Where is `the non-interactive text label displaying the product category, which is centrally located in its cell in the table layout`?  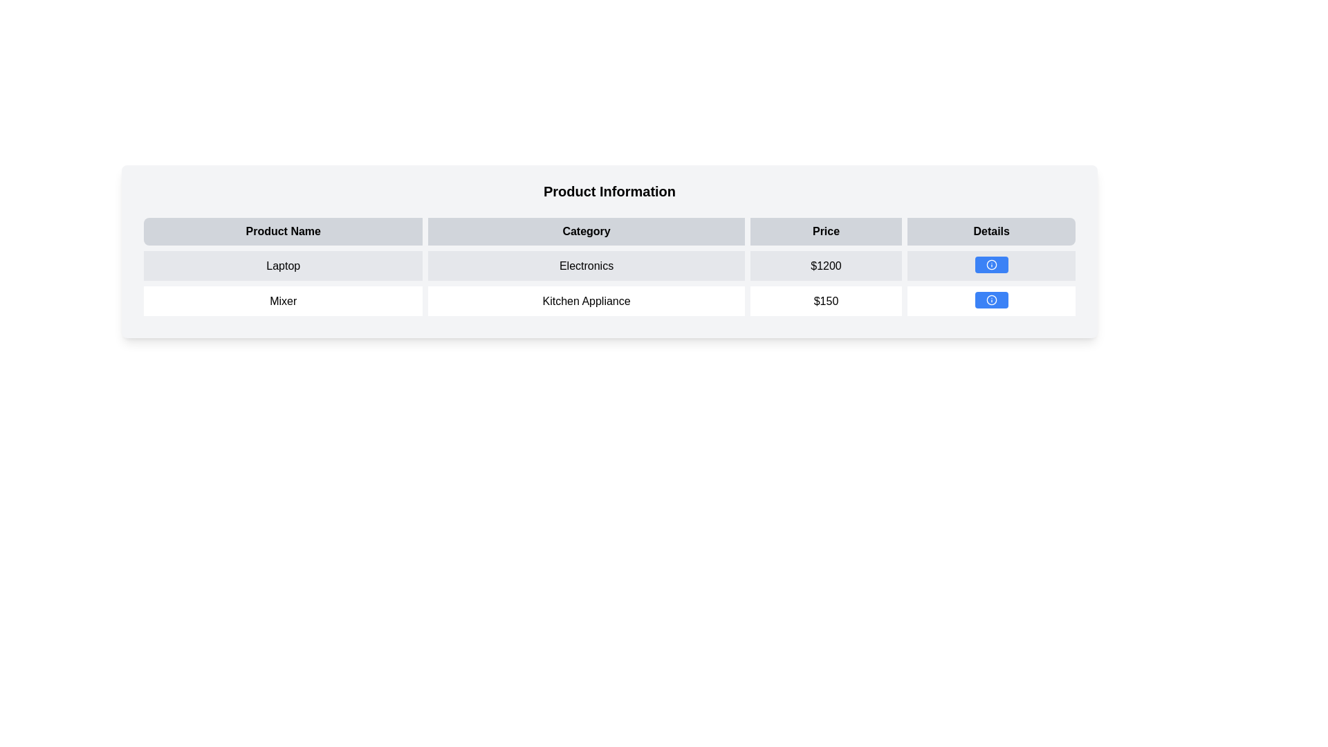
the non-interactive text label displaying the product category, which is centrally located in its cell in the table layout is located at coordinates (587, 266).